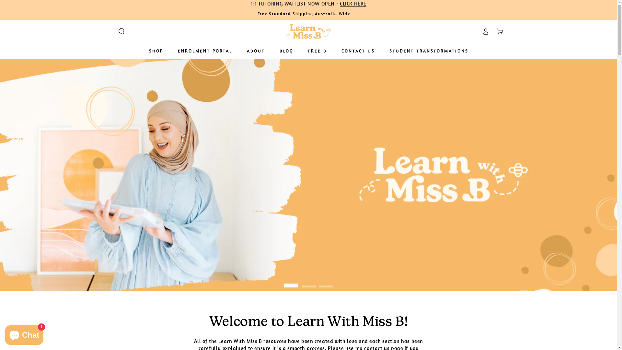  I want to click on 'View slide 2', so click(301, 282).